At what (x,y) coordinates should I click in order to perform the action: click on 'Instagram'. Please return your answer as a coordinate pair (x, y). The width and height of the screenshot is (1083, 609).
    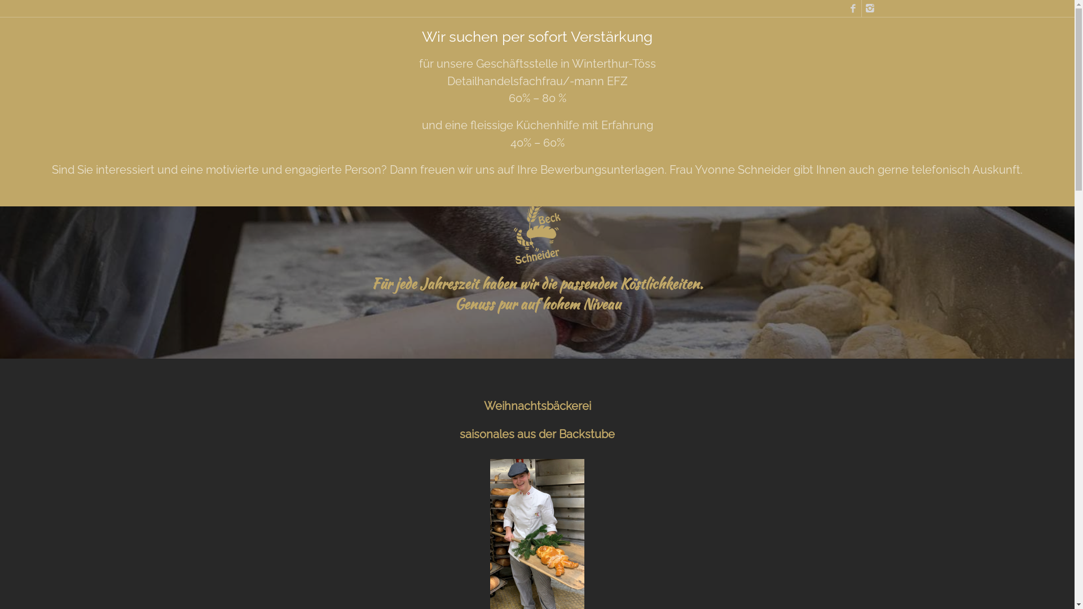
    Looking at the image, I should click on (869, 8).